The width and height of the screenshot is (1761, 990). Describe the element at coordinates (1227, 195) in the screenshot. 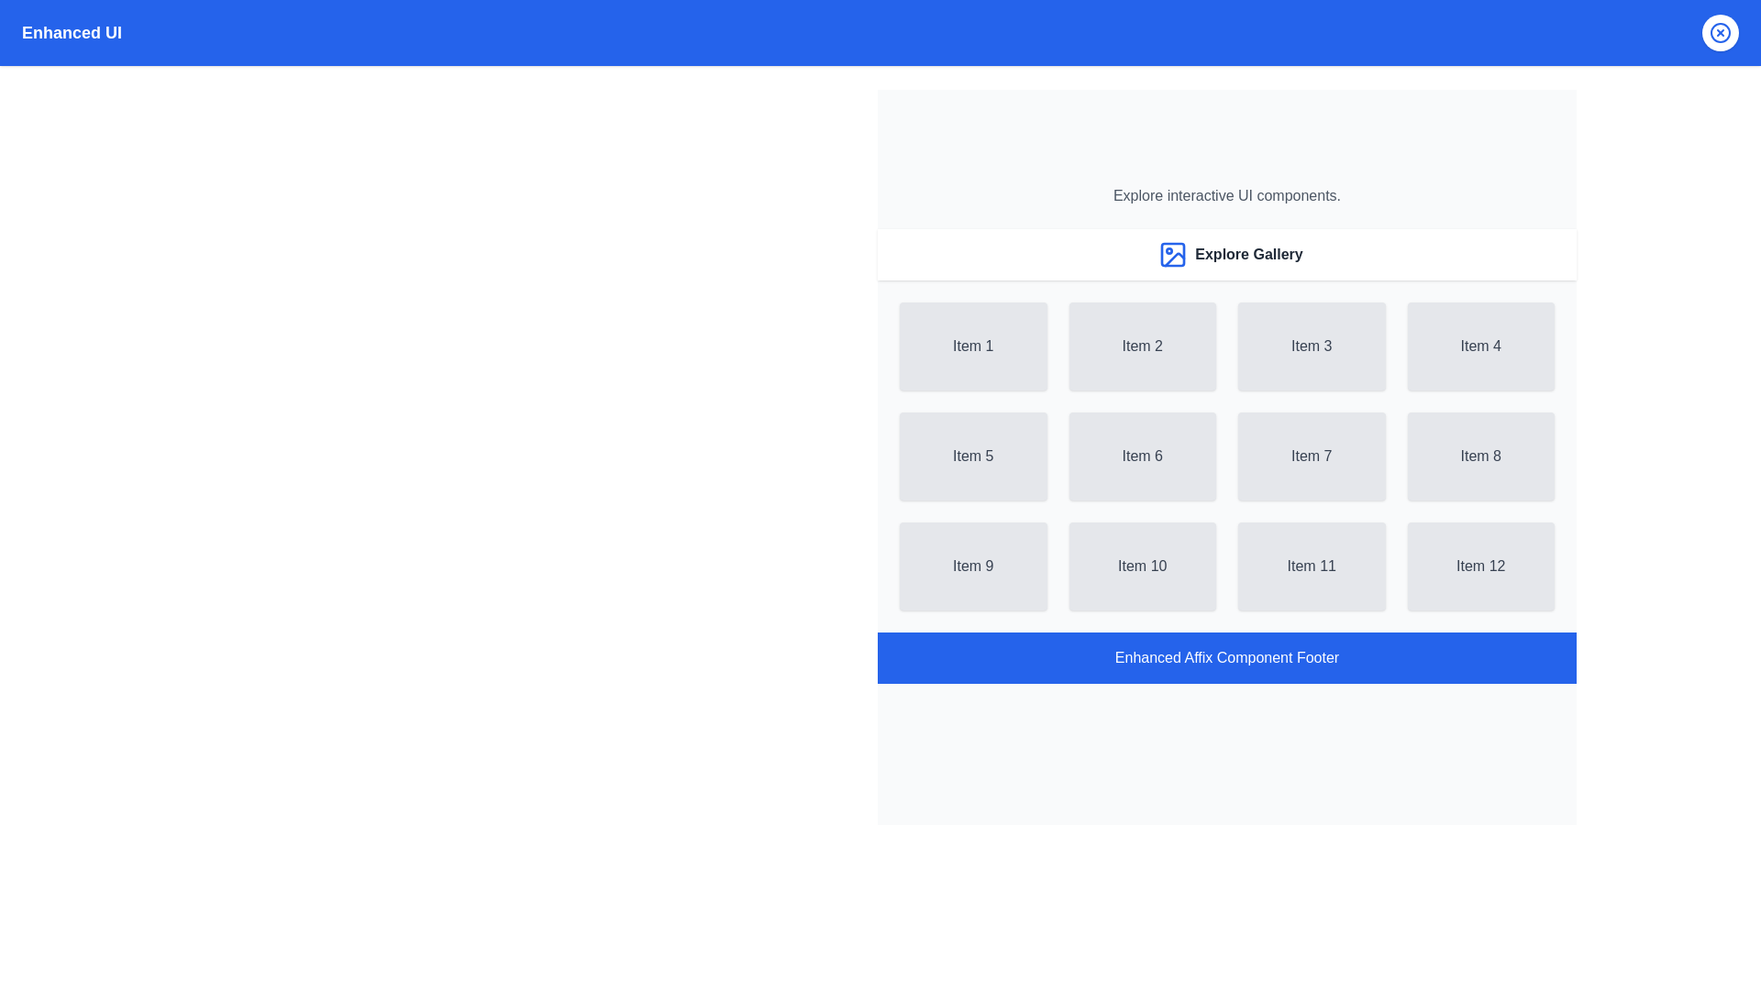

I see `the Text Label that serves as the introductory title for the section, which is centrally aligned above the 'Explore Gallery' section` at that location.